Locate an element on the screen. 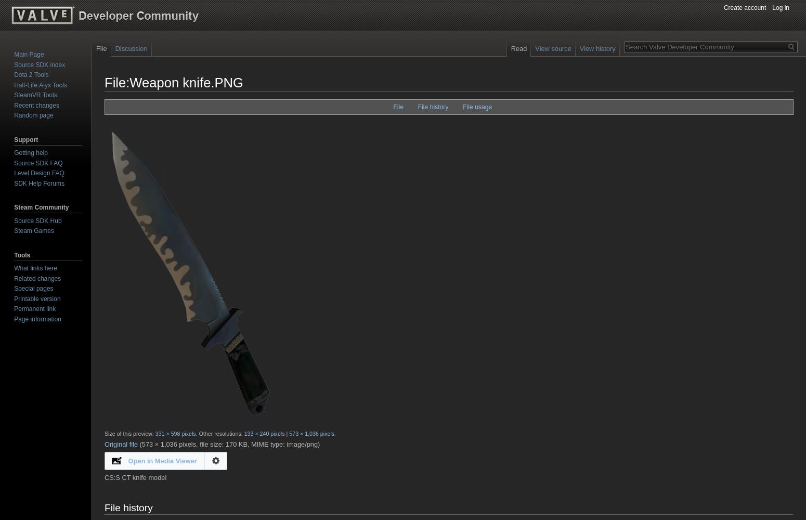 This screenshot has height=520, width=806. '|' is located at coordinates (287, 433).